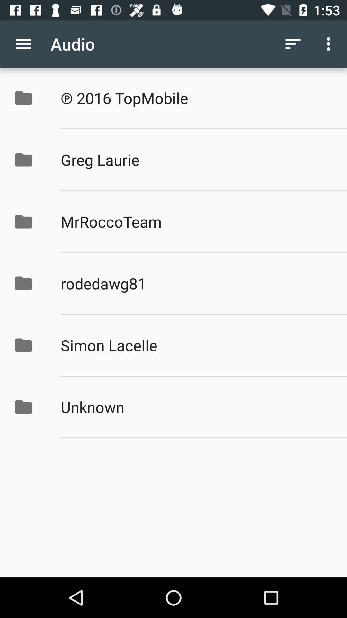 The height and width of the screenshot is (618, 347). Describe the element at coordinates (197, 221) in the screenshot. I see `the icon below greg laurie app` at that location.